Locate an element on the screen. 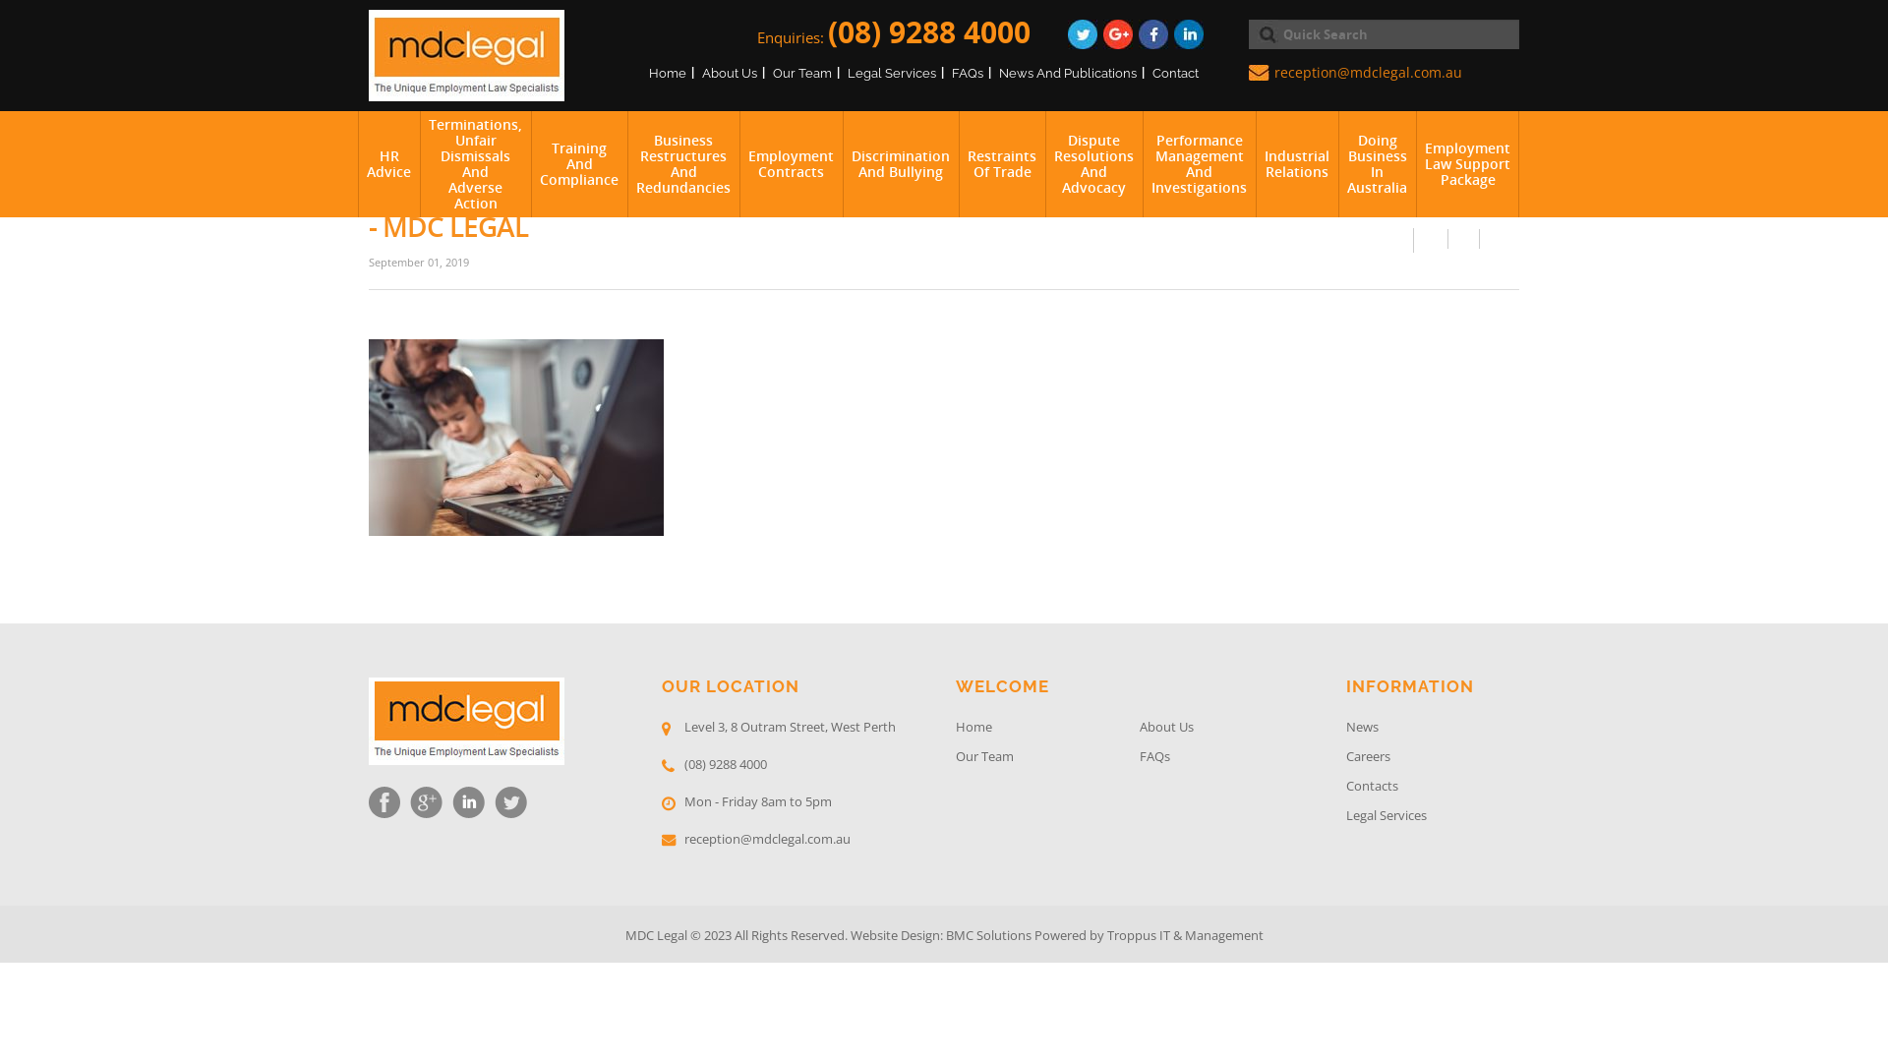 The width and height of the screenshot is (1888, 1062). 'Industrial is located at coordinates (1254, 162).